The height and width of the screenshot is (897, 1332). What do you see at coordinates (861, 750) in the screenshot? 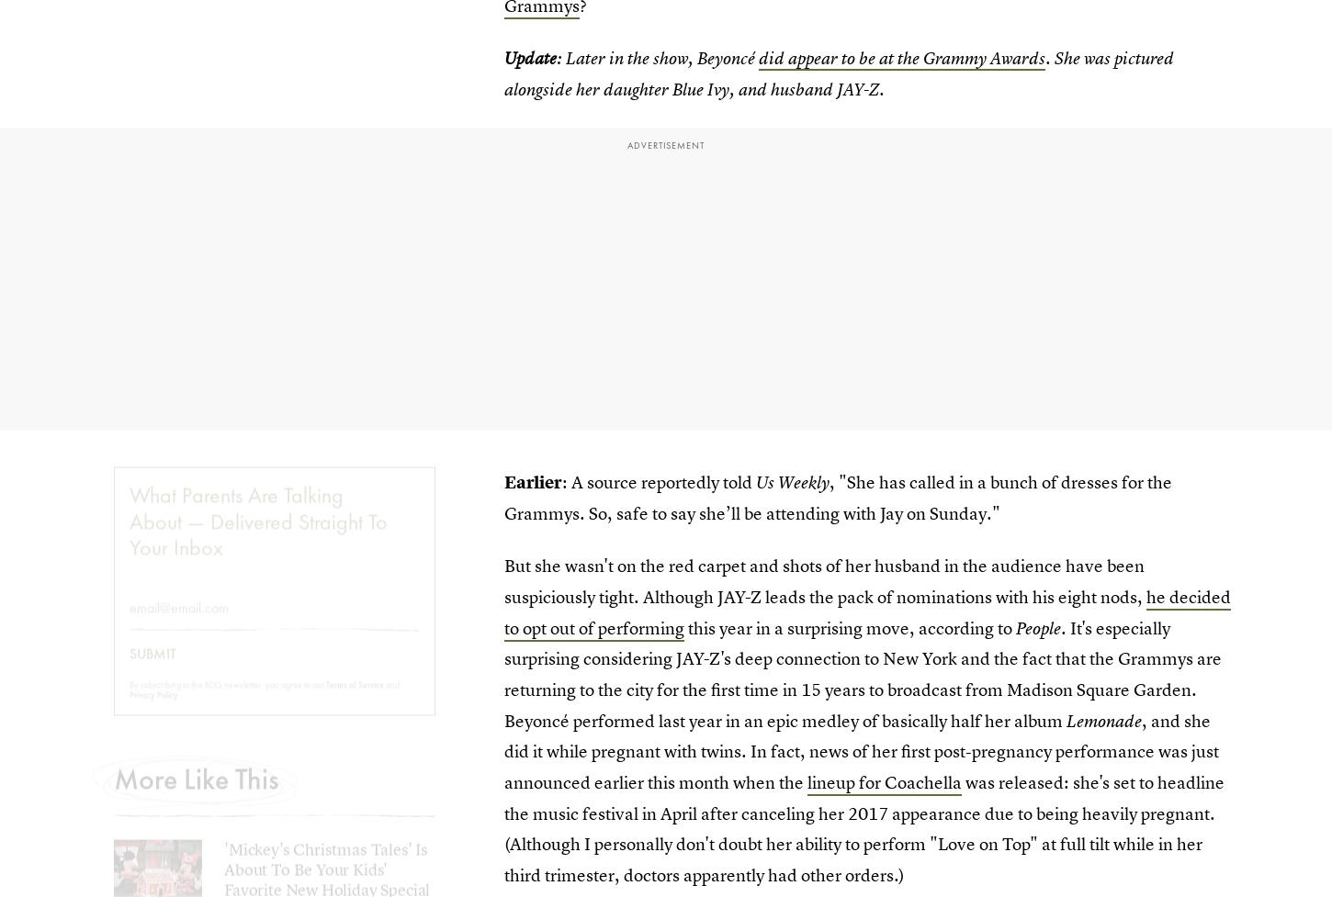
I see `', and she did it while pregnant with twins. In fact, news of her first post-pregnancy performance was just announced earlier this month when the'` at bounding box center [861, 750].